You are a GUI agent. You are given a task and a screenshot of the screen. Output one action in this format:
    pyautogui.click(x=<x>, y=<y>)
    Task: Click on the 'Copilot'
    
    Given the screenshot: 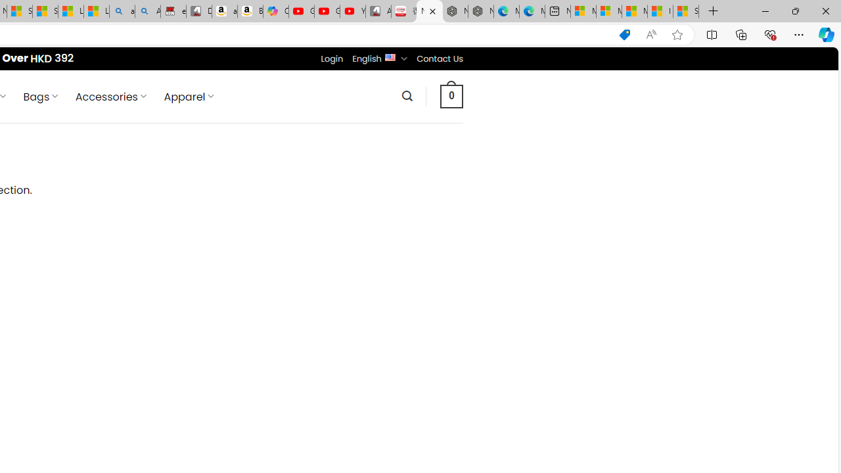 What is the action you would take?
    pyautogui.click(x=275, y=11)
    